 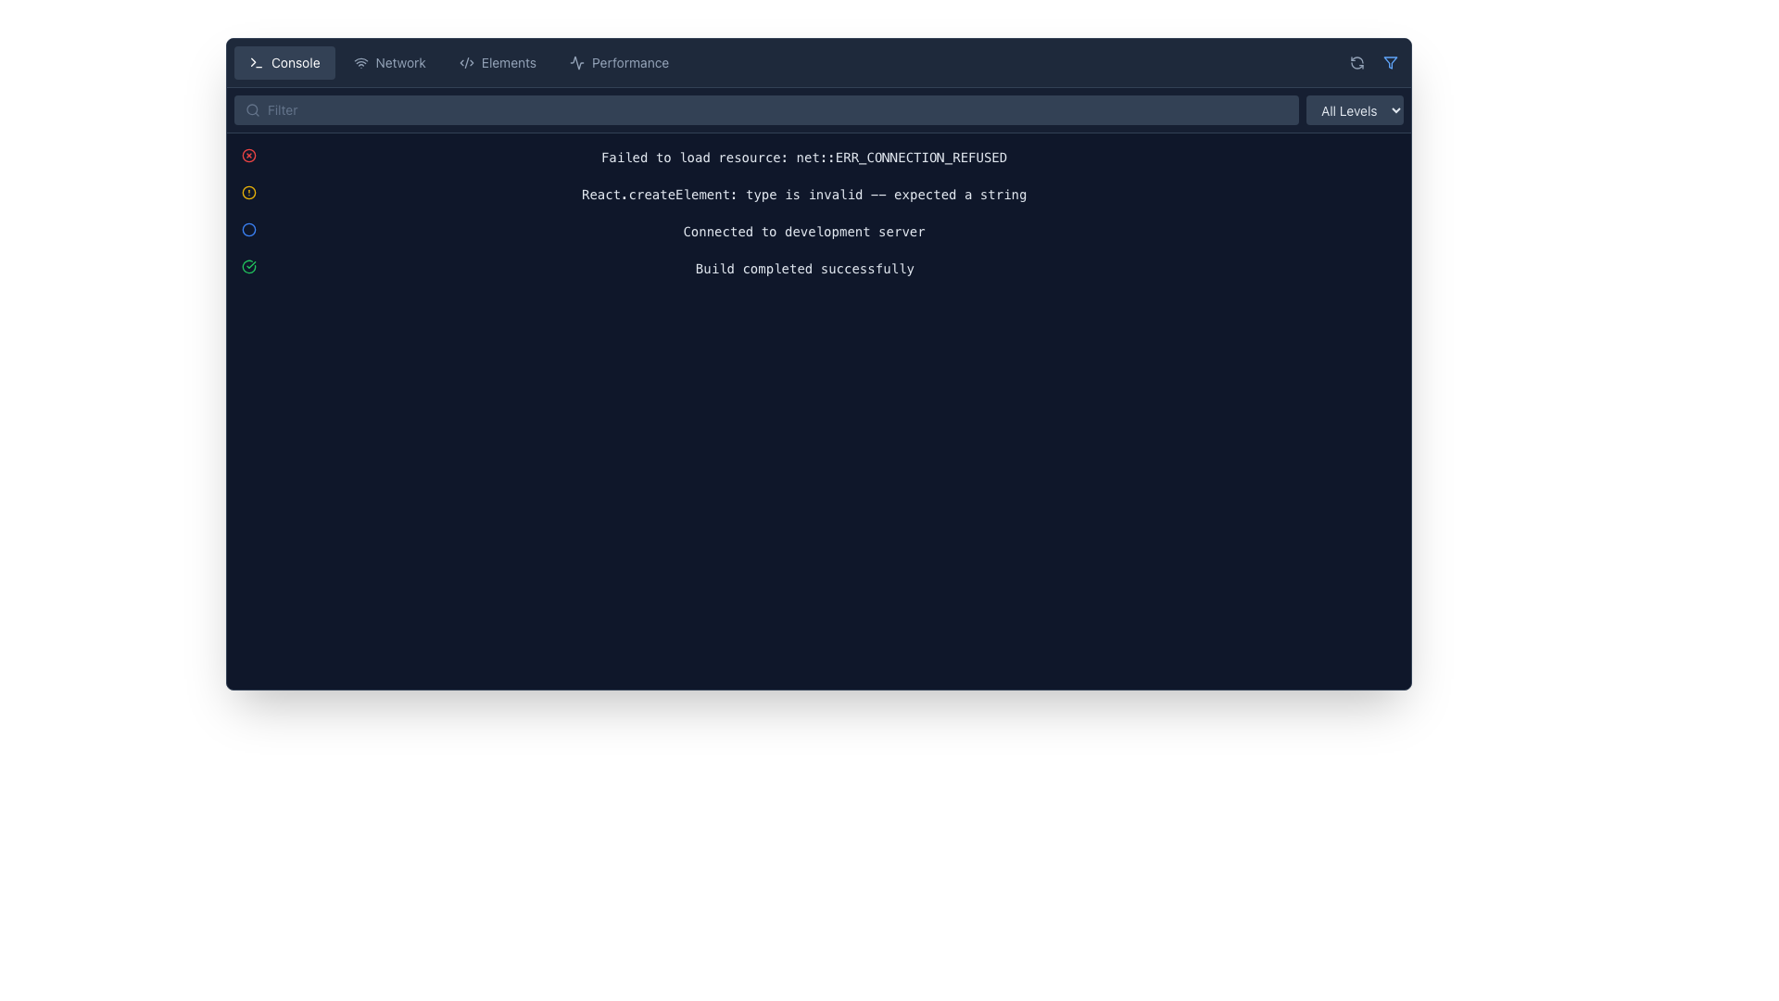 I want to click on a specific filter option from the dropdown menu located at the top of the central panel, below the tabs labeled 'Console,' 'Network,' etc, so click(x=817, y=110).